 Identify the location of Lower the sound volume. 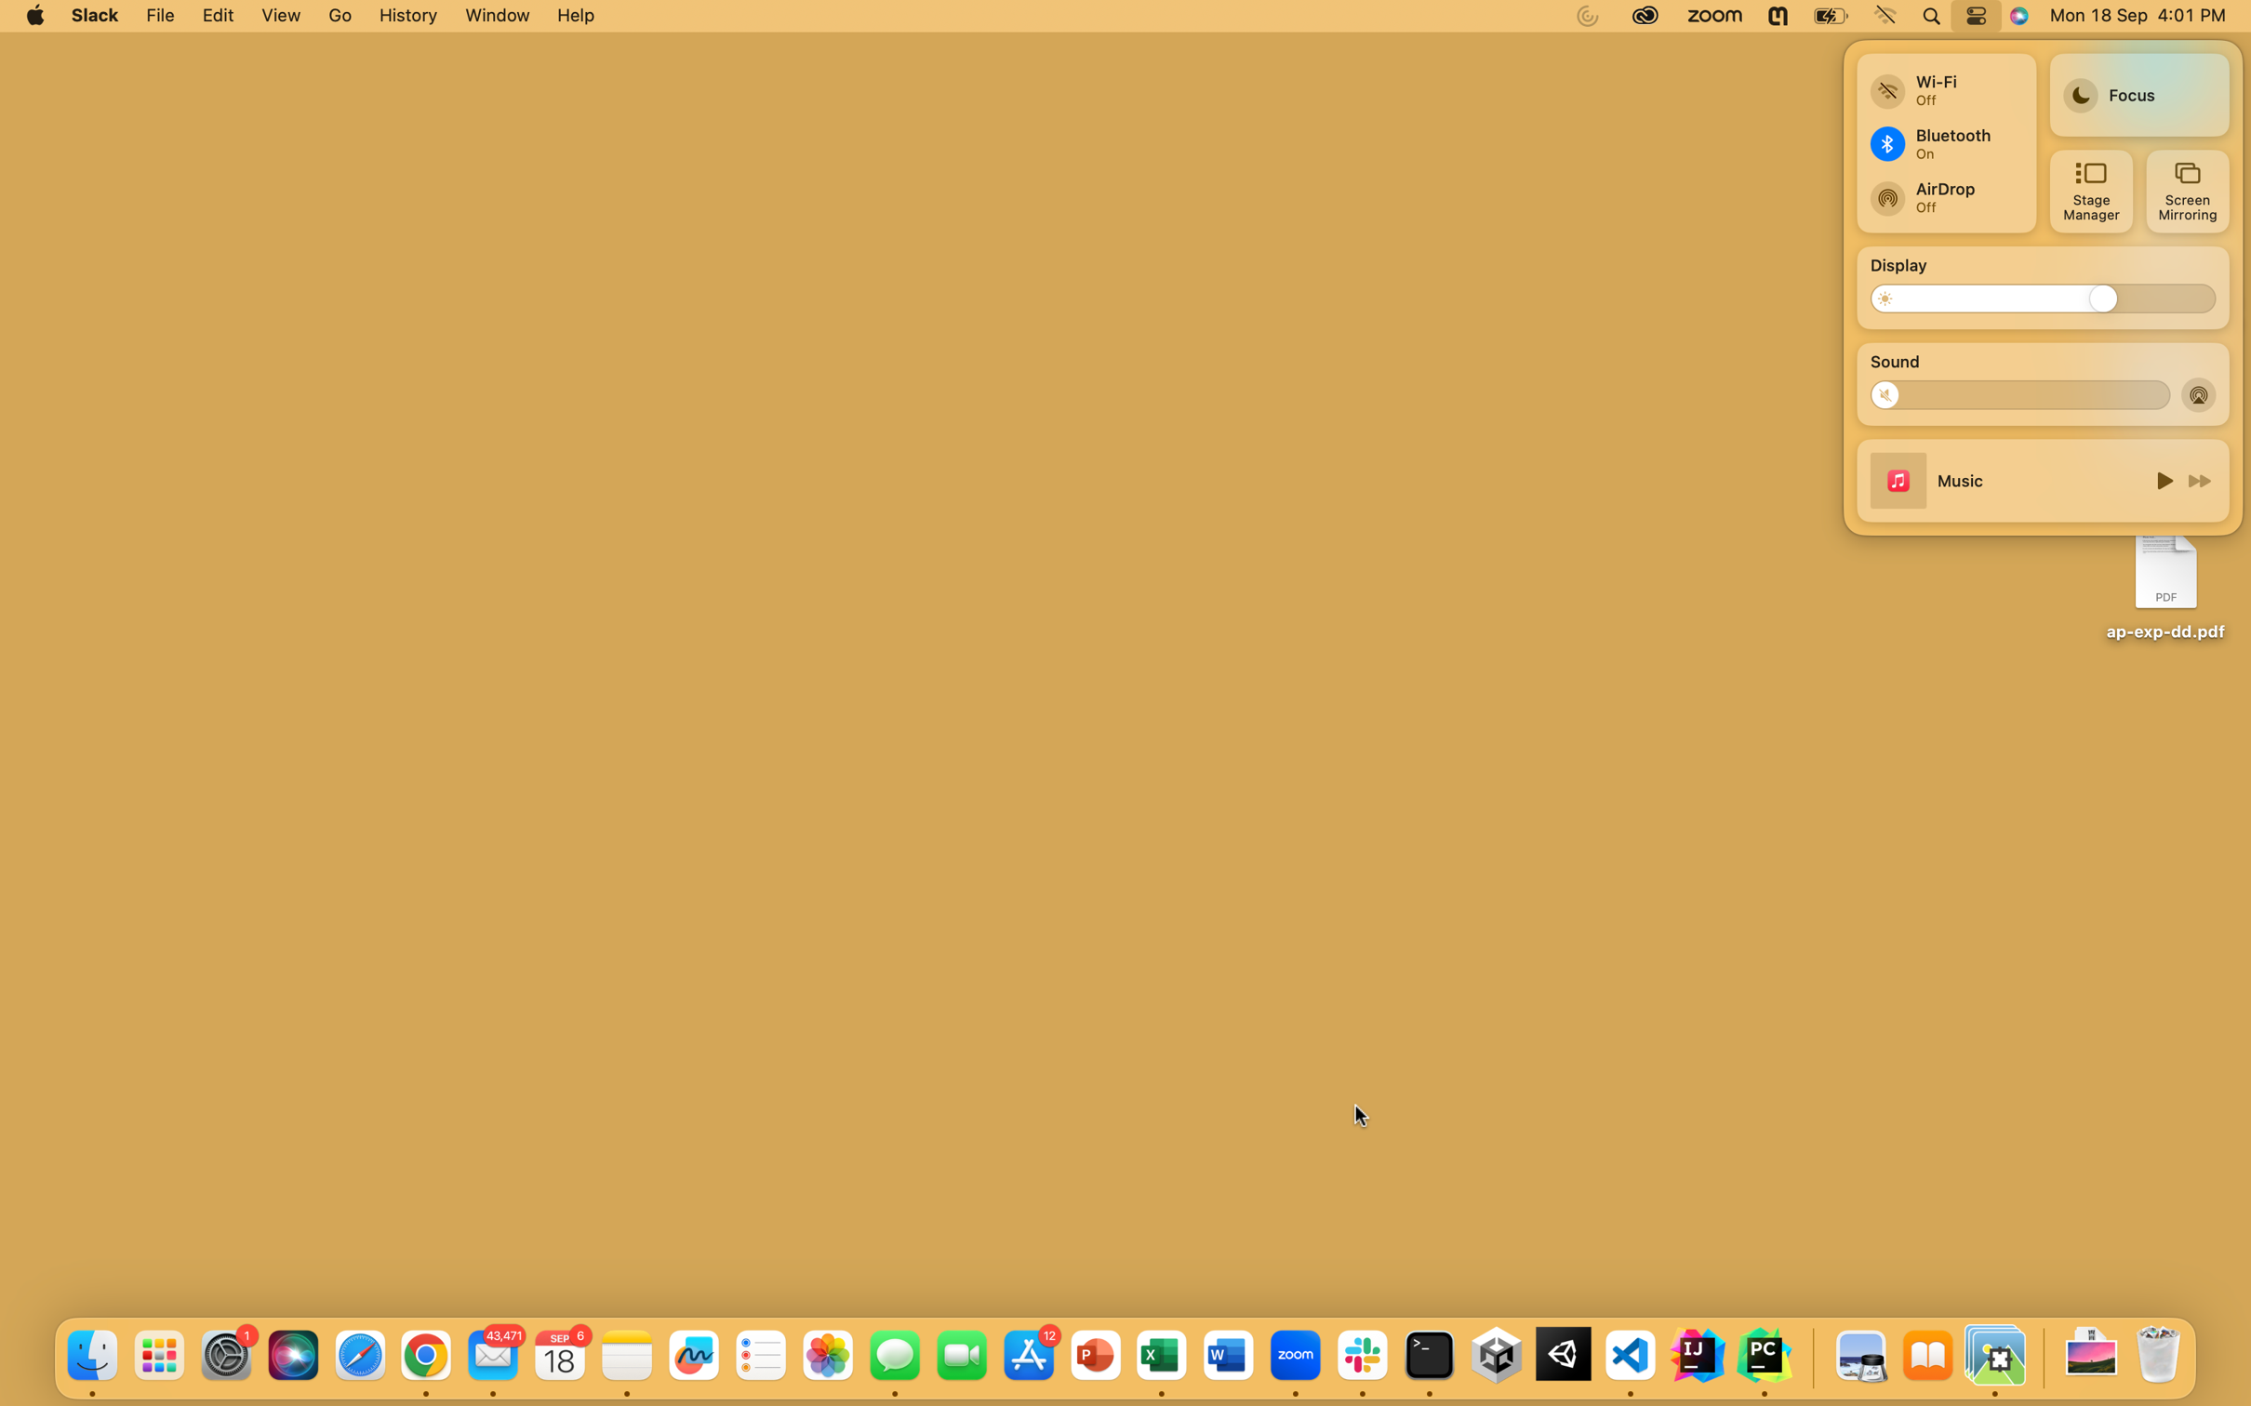
(1893, 393).